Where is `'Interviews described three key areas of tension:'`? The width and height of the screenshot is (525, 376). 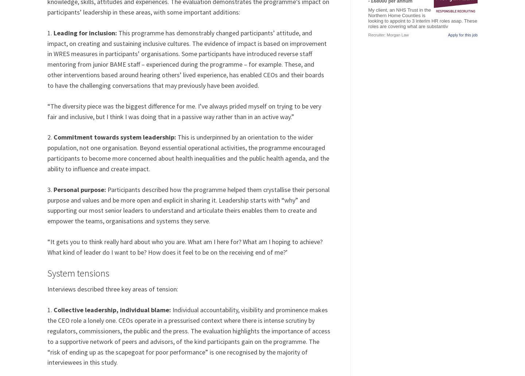
'Interviews described three key areas of tension:' is located at coordinates (113, 289).